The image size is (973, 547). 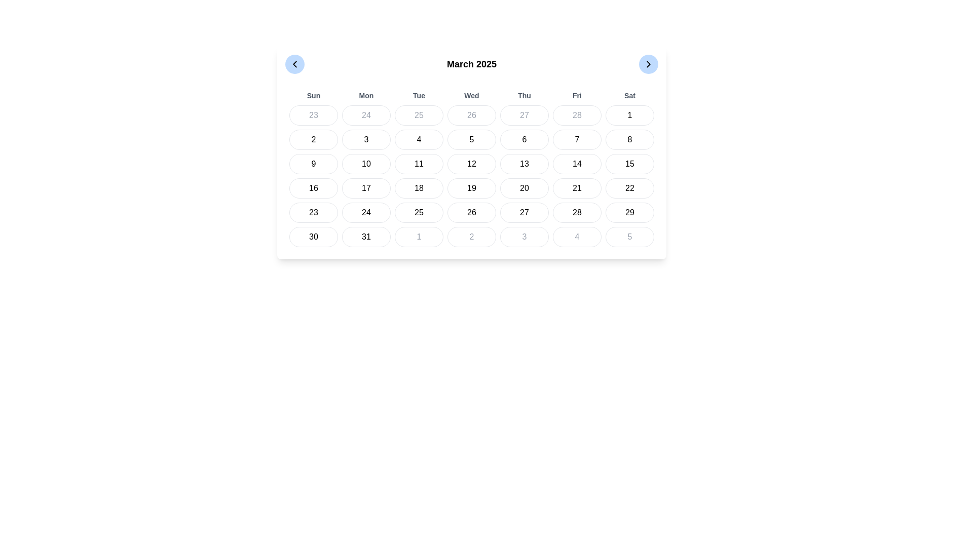 I want to click on the button representing the date '31' in the calendar view, so click(x=366, y=237).